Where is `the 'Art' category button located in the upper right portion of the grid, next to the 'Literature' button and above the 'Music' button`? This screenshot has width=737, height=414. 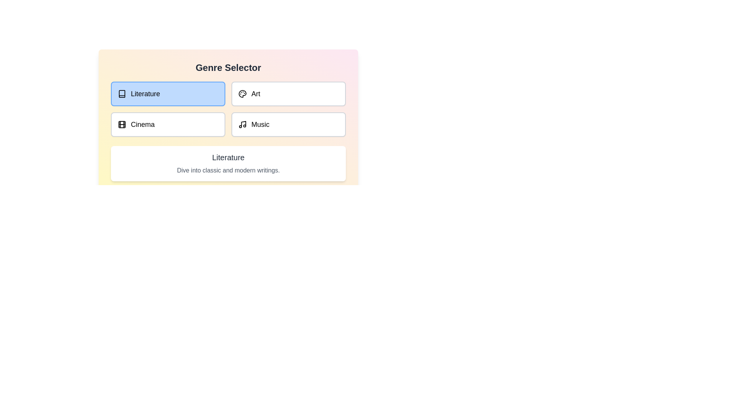 the 'Art' category button located in the upper right portion of the grid, next to the 'Literature' button and above the 'Music' button is located at coordinates (288, 94).